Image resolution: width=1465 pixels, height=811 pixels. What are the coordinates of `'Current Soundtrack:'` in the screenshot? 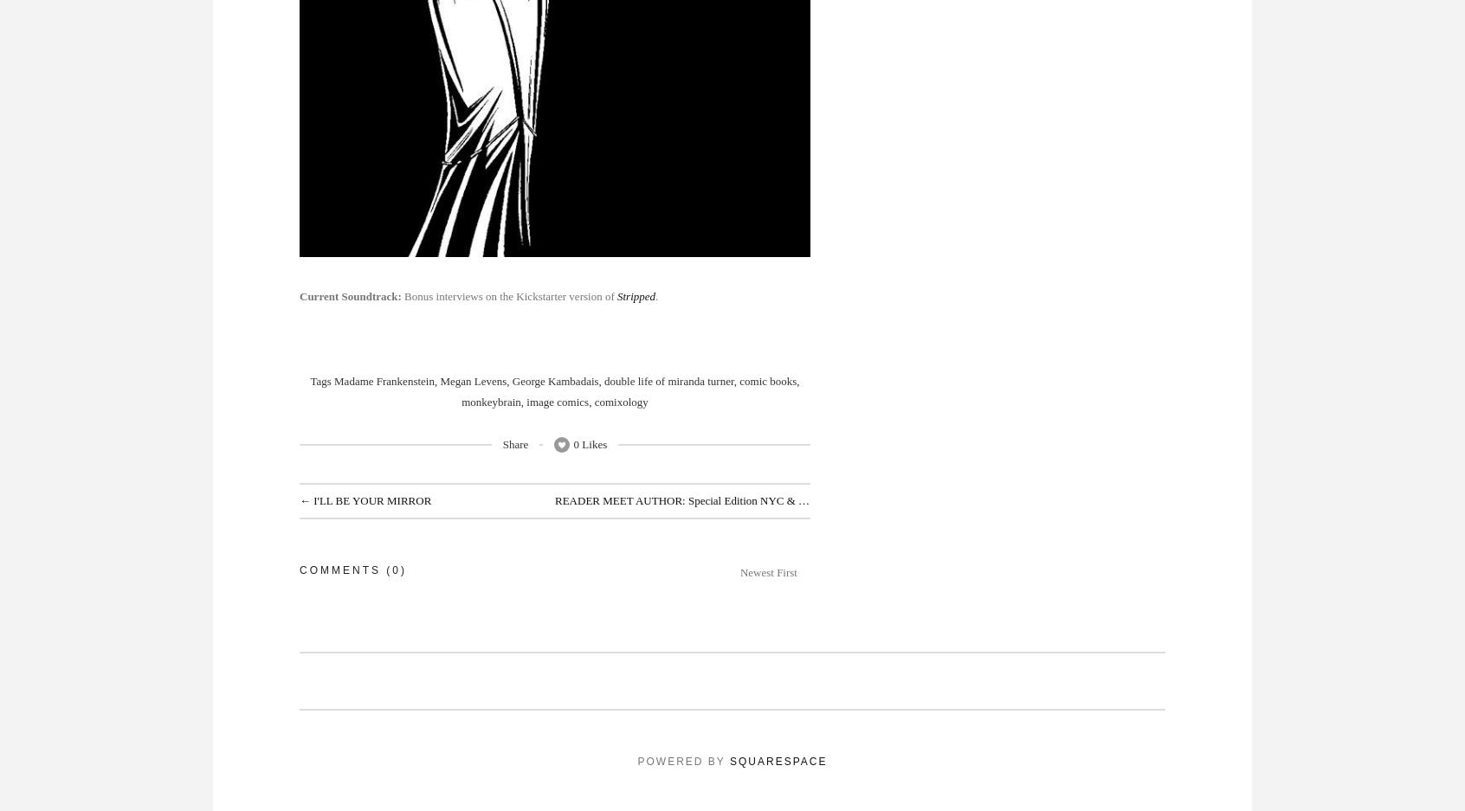 It's located at (352, 296).